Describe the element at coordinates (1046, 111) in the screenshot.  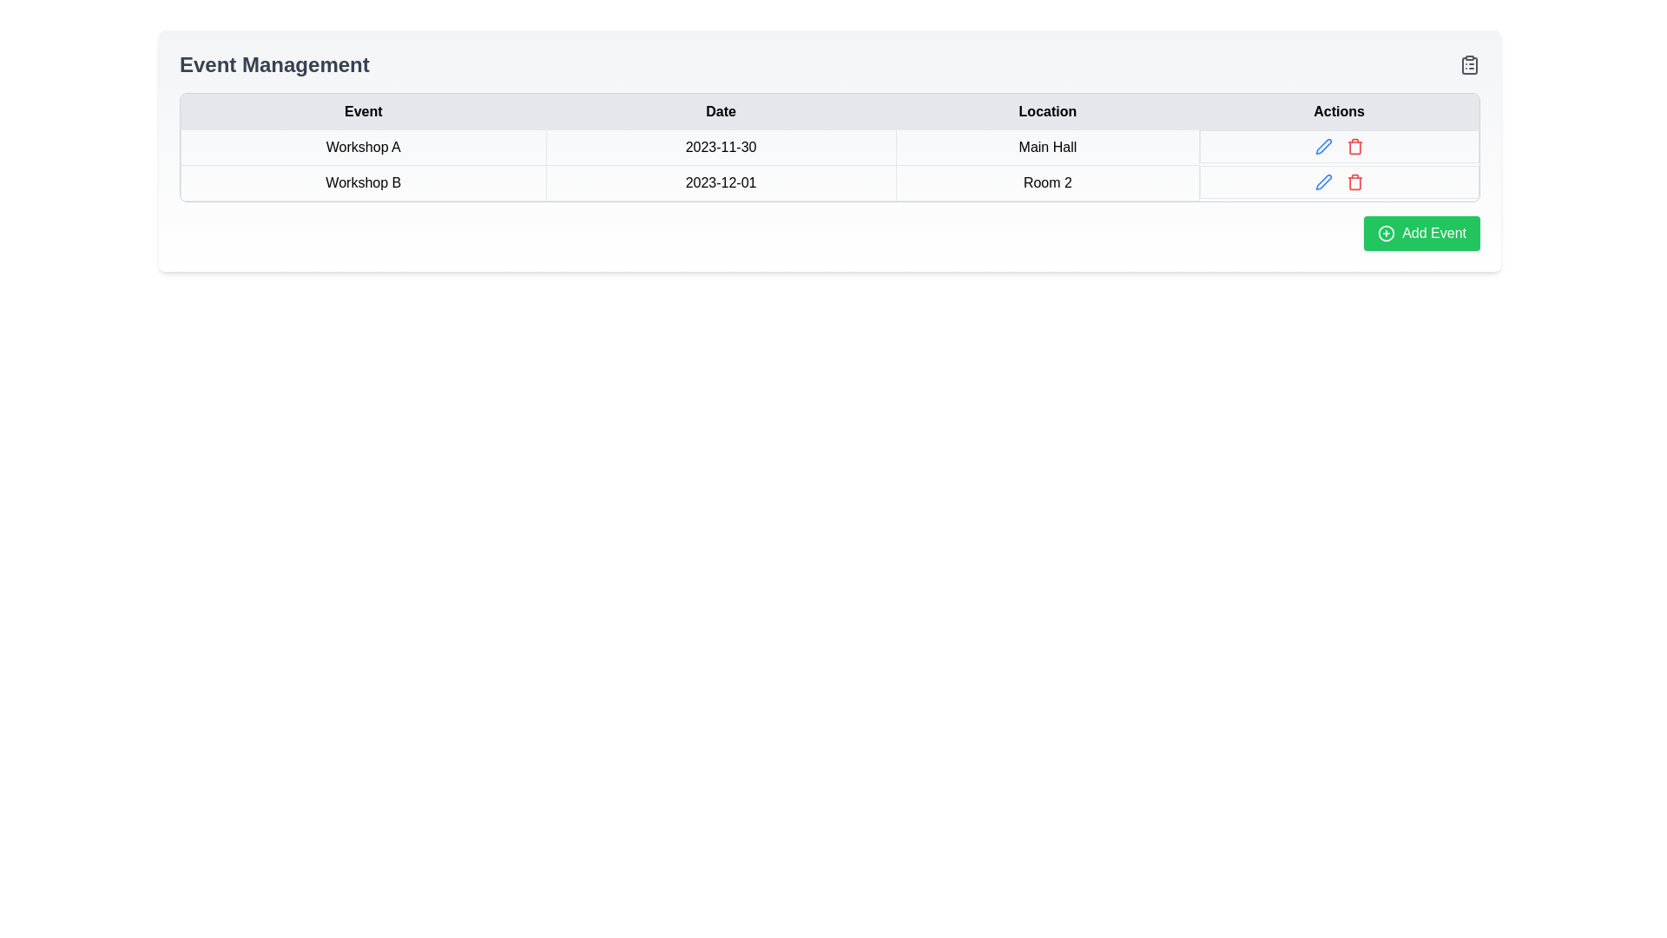
I see `the Table Header Cell titled 'Location', which has a gray background and black text, positioned between the 'Date' and 'Actions' cells` at that location.